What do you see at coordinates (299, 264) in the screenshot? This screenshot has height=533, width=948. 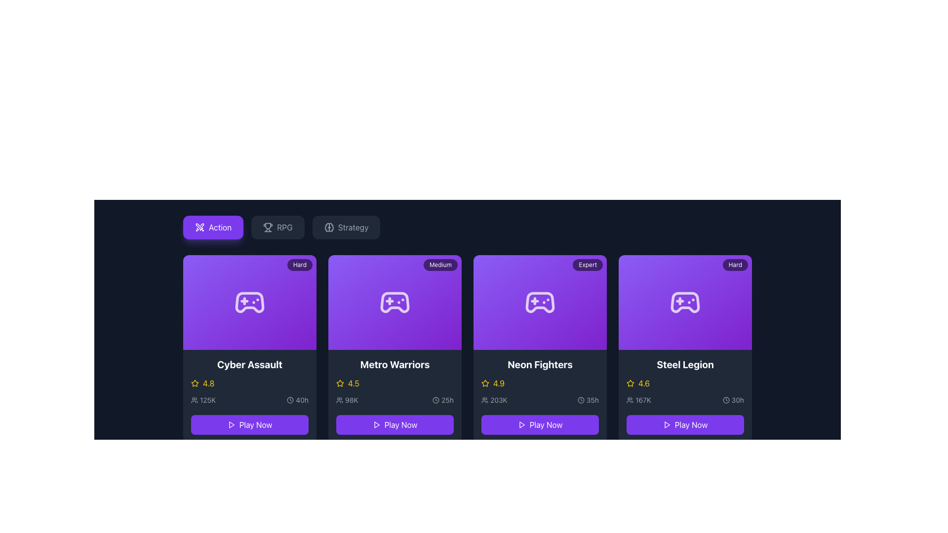 I see `displayed text 'Hard' on the small, rounded rectangle badge located at the top-right corner of the 'Cyber Assault' game card` at bounding box center [299, 264].